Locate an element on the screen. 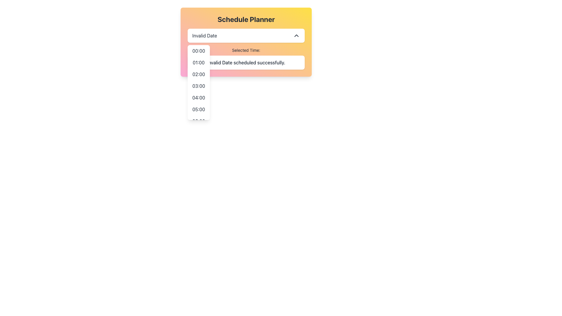 This screenshot has width=562, height=316. the clickable list item for the time '06:00' in the dropdown menu is located at coordinates (198, 121).